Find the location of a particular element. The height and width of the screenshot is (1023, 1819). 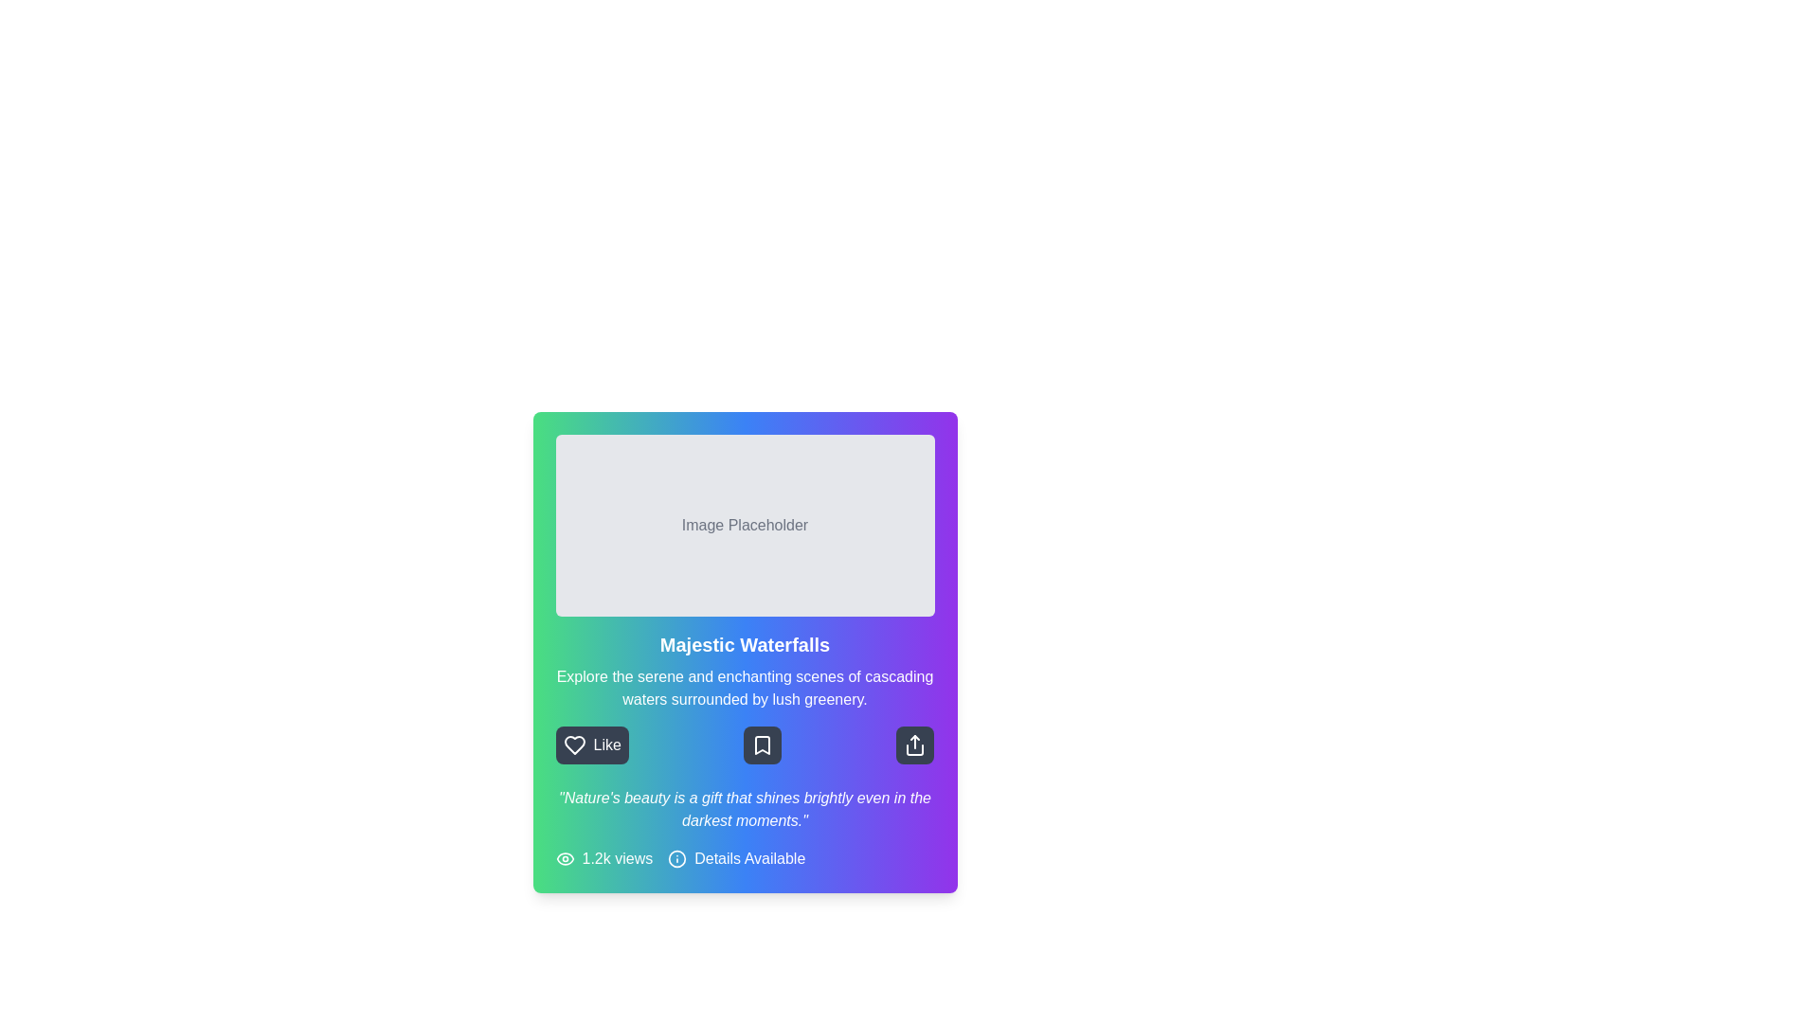

the bookmark icon, which is the second button in the bottom row of buttons in the card is located at coordinates (763, 744).